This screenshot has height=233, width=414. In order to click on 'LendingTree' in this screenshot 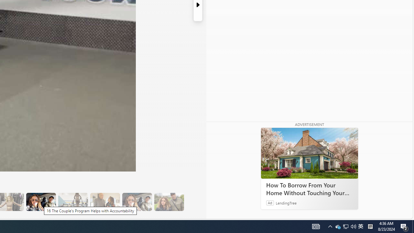, I will do `click(286, 202)`.